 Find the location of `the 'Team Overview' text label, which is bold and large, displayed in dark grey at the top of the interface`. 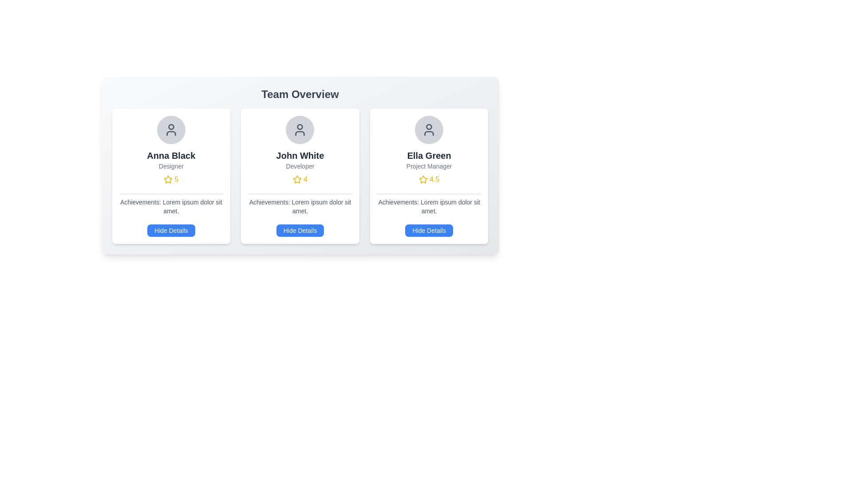

the 'Team Overview' text label, which is bold and large, displayed in dark grey at the top of the interface is located at coordinates (300, 94).